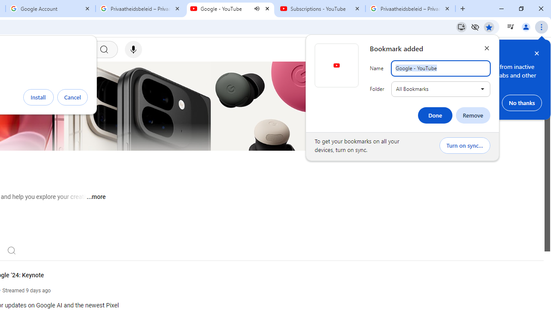  Describe the element at coordinates (38, 97) in the screenshot. I see `'Install'` at that location.